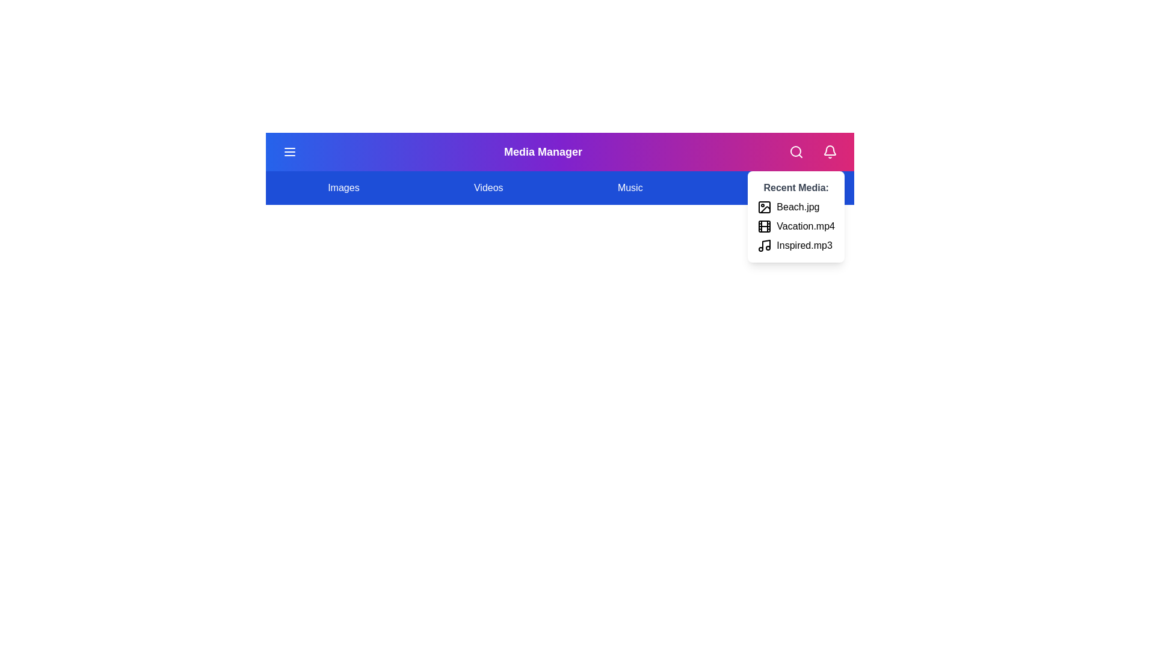  Describe the element at coordinates (828, 151) in the screenshot. I see `the bell button in the header` at that location.